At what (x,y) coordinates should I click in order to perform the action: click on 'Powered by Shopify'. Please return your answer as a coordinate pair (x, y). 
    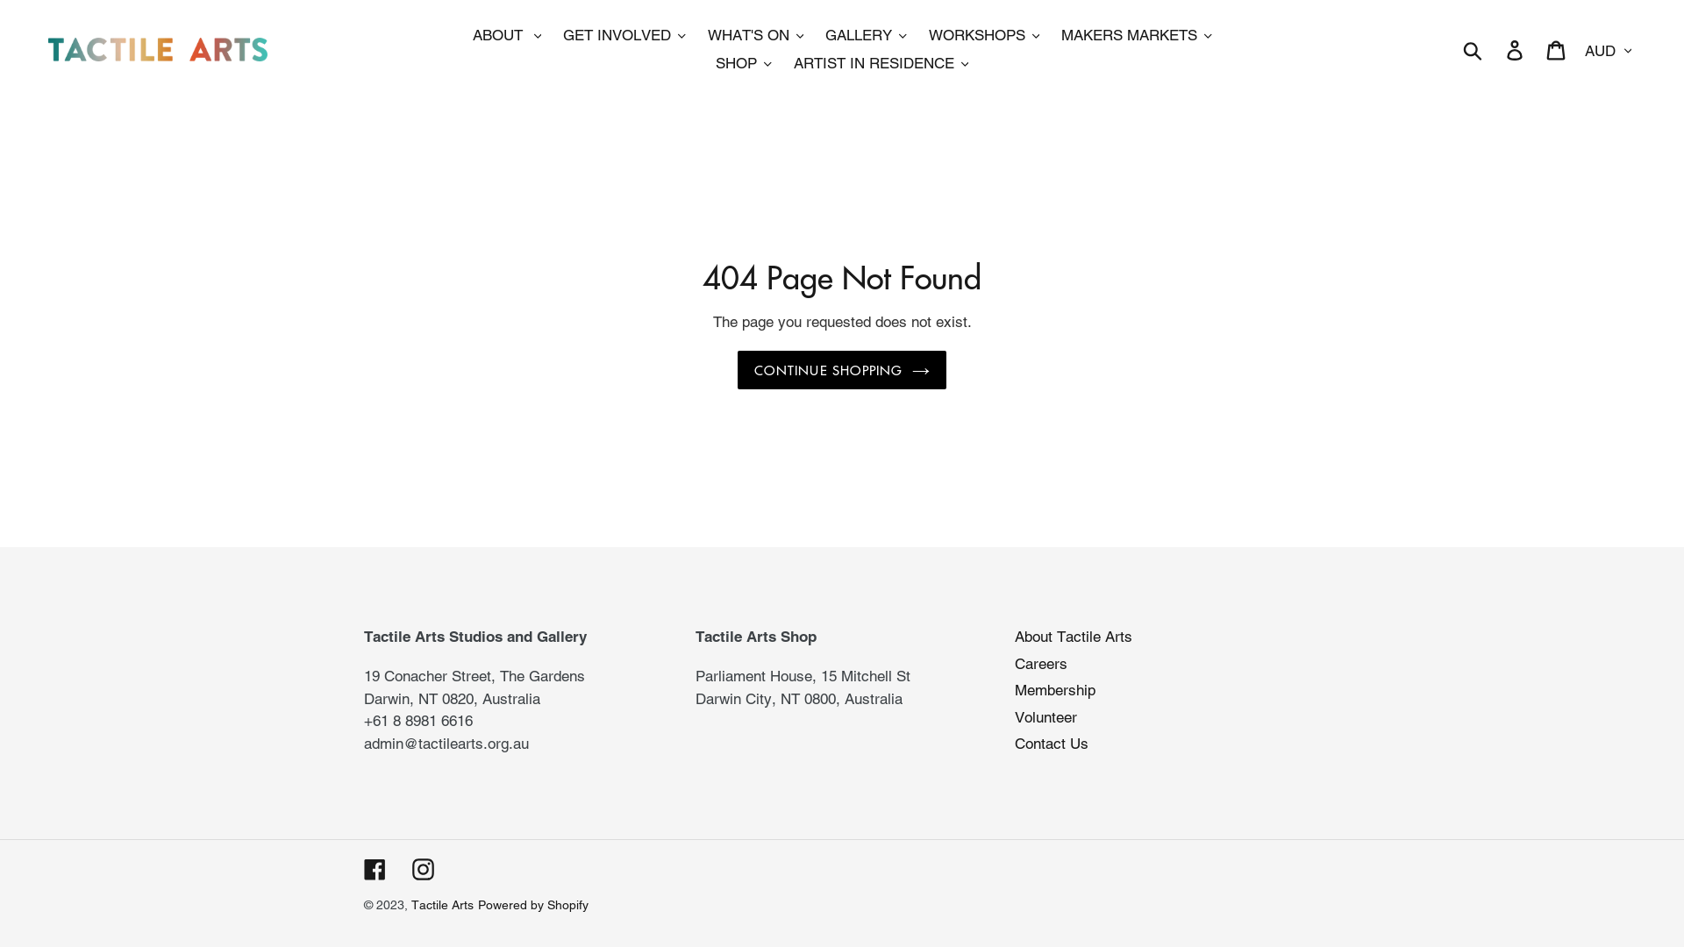
    Looking at the image, I should click on (532, 905).